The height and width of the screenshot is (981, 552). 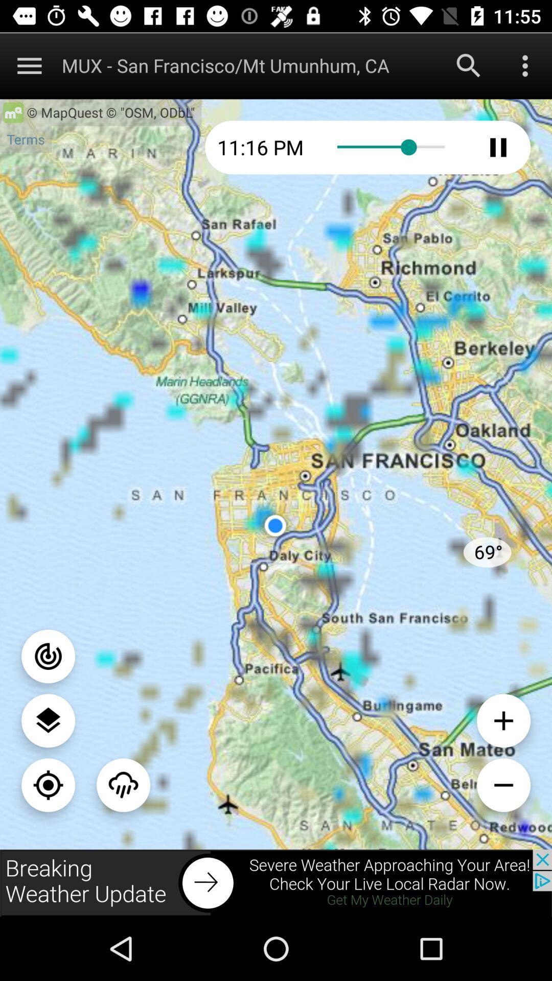 I want to click on zooming, so click(x=48, y=784).